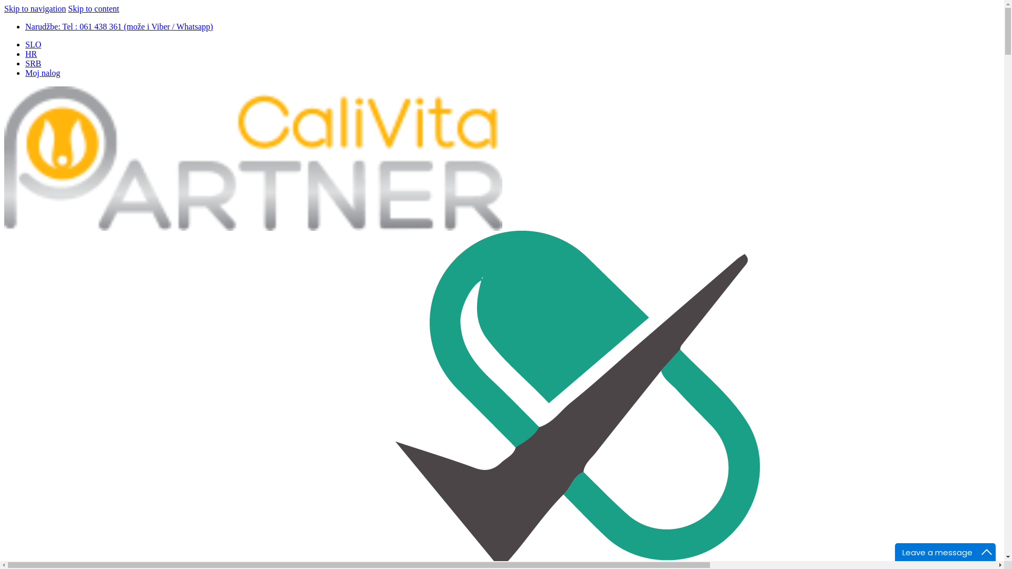 The width and height of the screenshot is (1012, 569). What do you see at coordinates (35, 8) in the screenshot?
I see `'Skip to navigation'` at bounding box center [35, 8].